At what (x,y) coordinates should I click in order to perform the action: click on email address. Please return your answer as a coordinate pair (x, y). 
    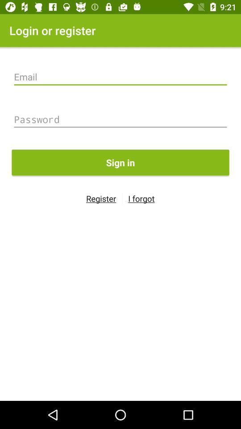
    Looking at the image, I should click on (120, 76).